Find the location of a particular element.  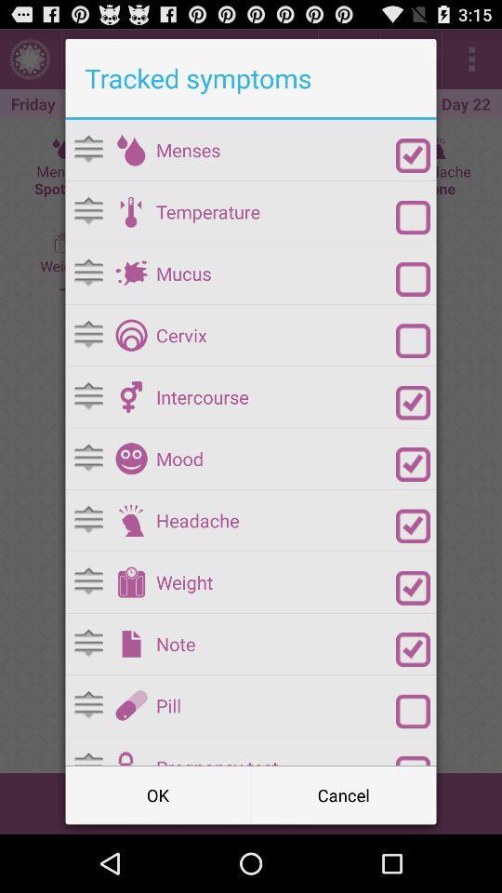

the cervix app is located at coordinates (275, 335).